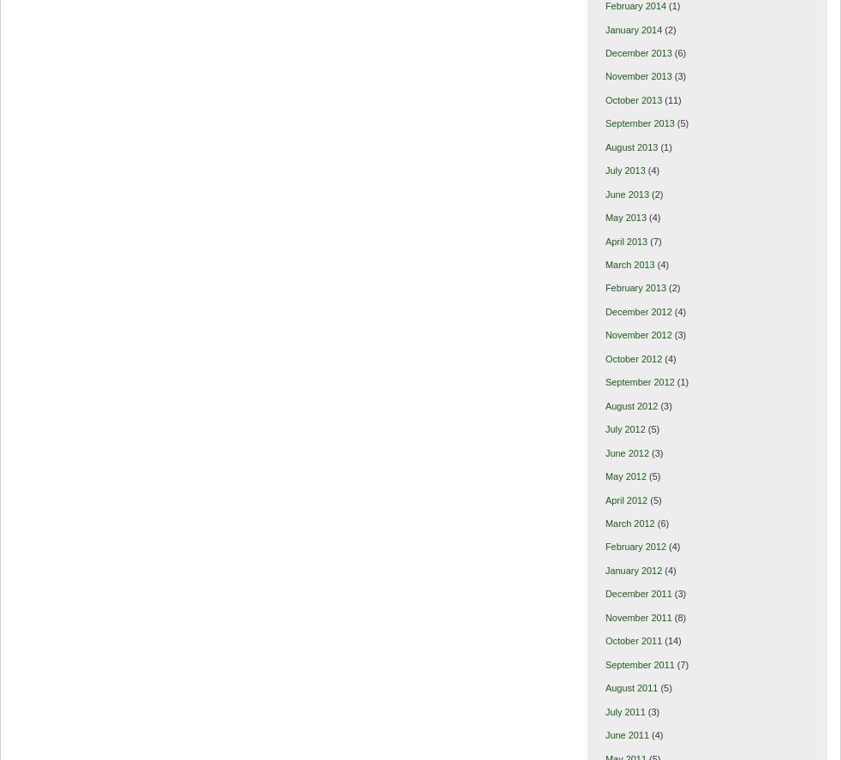 The image size is (841, 760). Describe the element at coordinates (638, 594) in the screenshot. I see `'December 2011'` at that location.